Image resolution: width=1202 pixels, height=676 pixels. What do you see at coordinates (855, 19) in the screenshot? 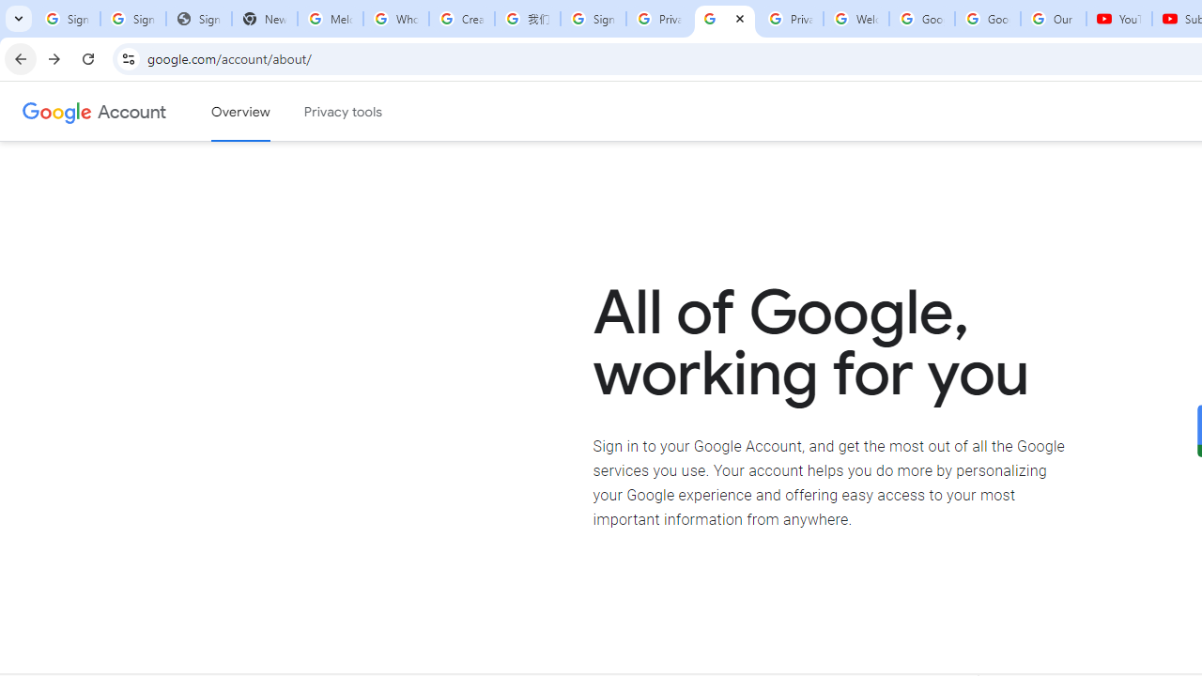
I see `'Welcome to My Activity'` at bounding box center [855, 19].